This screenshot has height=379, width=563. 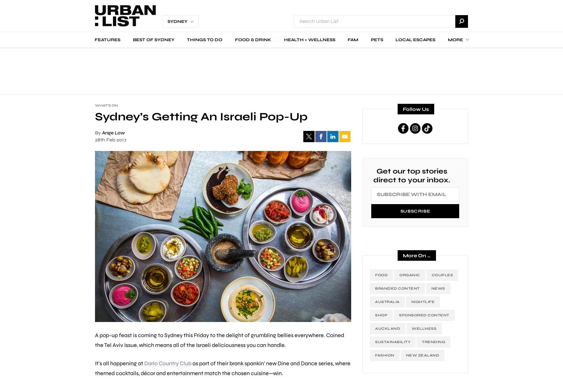 What do you see at coordinates (106, 106) in the screenshot?
I see `'What's On'` at bounding box center [106, 106].